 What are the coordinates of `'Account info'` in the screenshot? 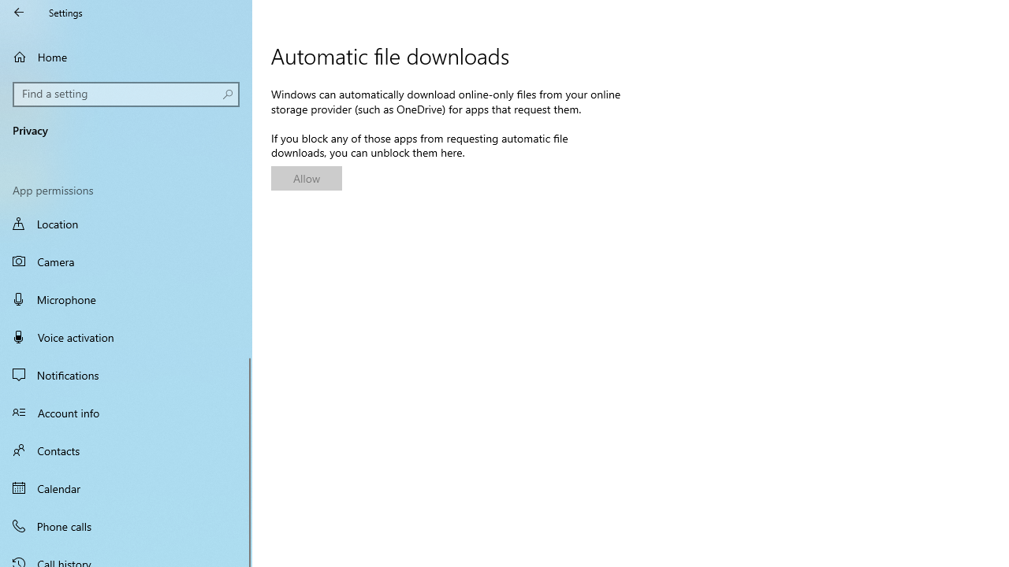 It's located at (126, 411).